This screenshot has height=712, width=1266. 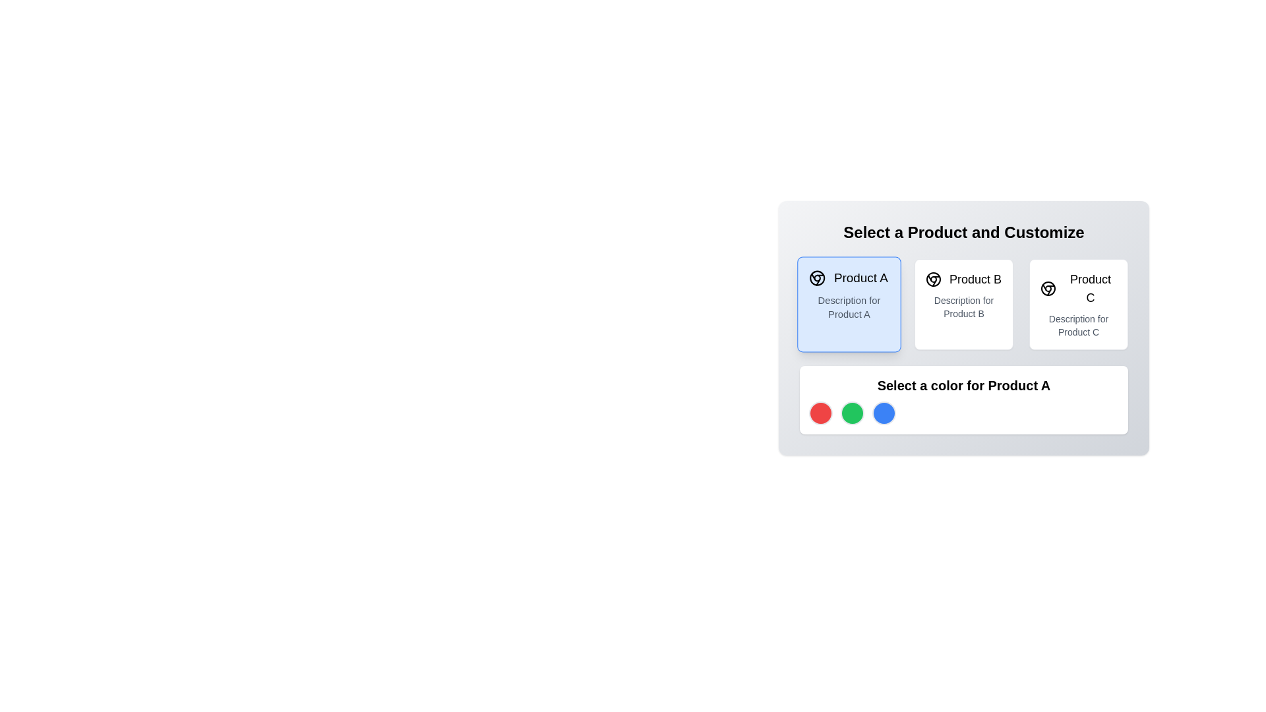 What do you see at coordinates (964, 307) in the screenshot?
I see `description text located directly below the 'Product B' label, which provides additional details about 'Product B'` at bounding box center [964, 307].